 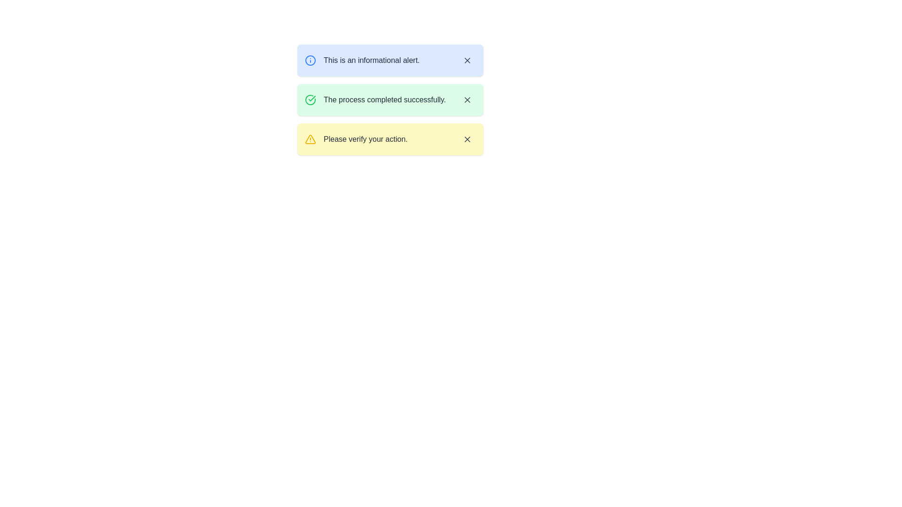 I want to click on text displayed in the text label that says 'Please verify your action.' which is styled in a dark gray font and located in a yellow background alert box, so click(x=365, y=139).